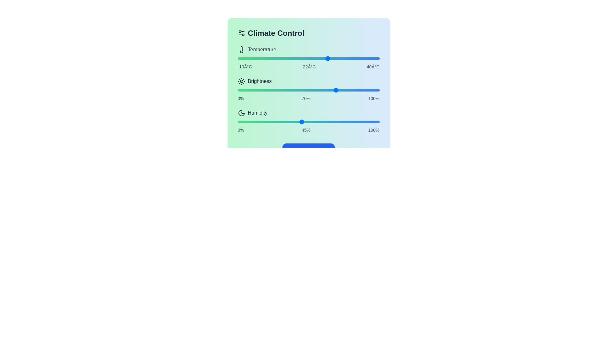 The height and width of the screenshot is (342, 608). Describe the element at coordinates (269, 90) in the screenshot. I see `the brightness level` at that location.